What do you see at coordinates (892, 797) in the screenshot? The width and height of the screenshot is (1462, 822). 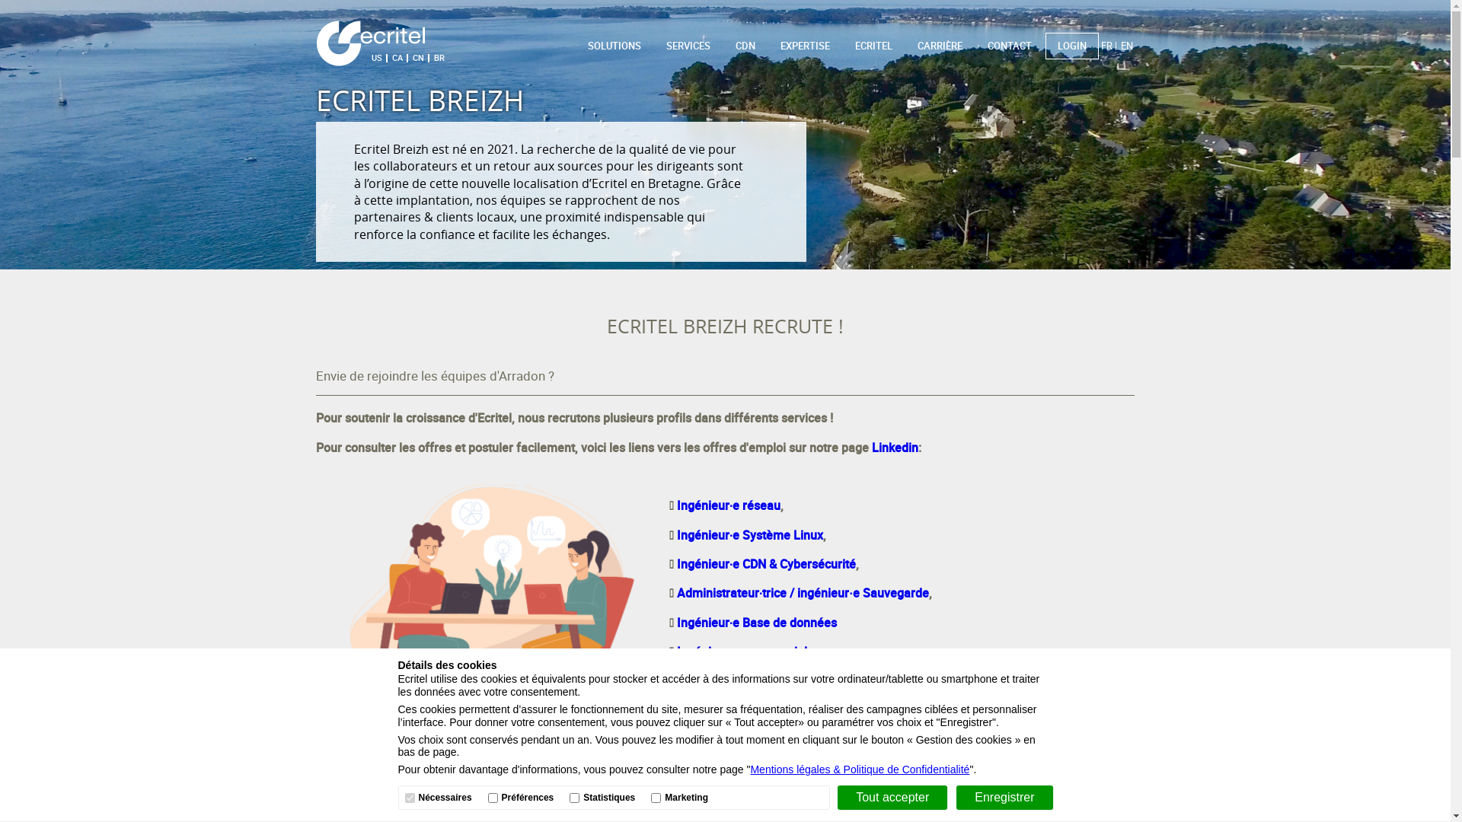 I see `'Tout accepter'` at bounding box center [892, 797].